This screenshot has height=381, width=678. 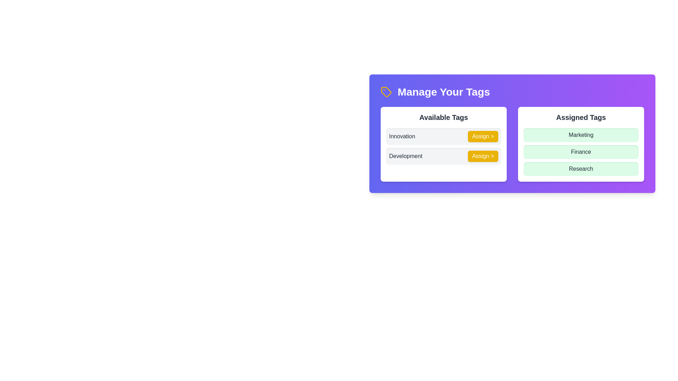 I want to click on the 'Assign >' button located on the right side of the horizontally aligned bar labeled 'Development' within the 'Available Tags' section under 'Manage Your Tags', so click(x=443, y=156).